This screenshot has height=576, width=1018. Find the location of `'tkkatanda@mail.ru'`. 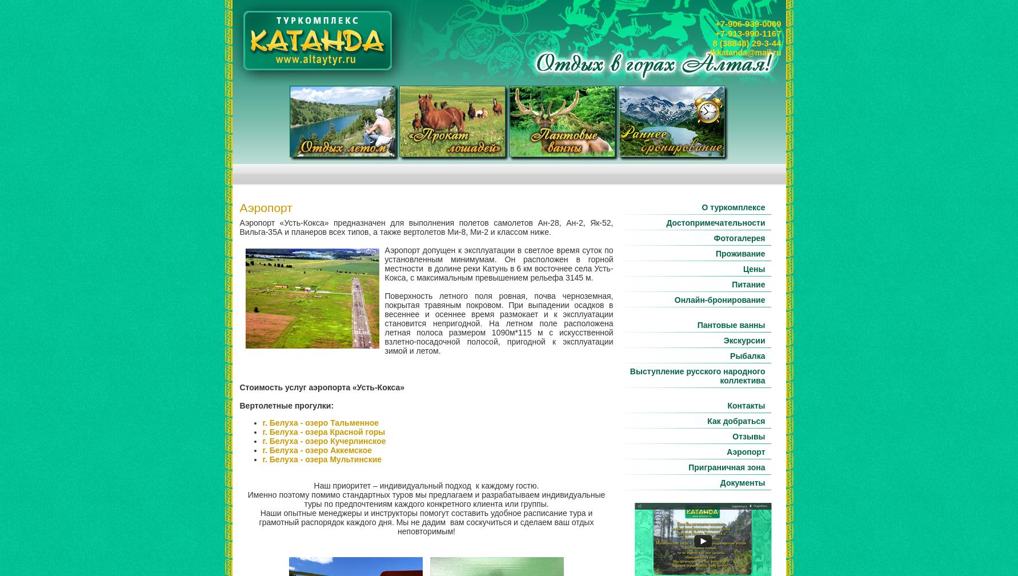

'tkkatanda@mail.ru' is located at coordinates (745, 53).